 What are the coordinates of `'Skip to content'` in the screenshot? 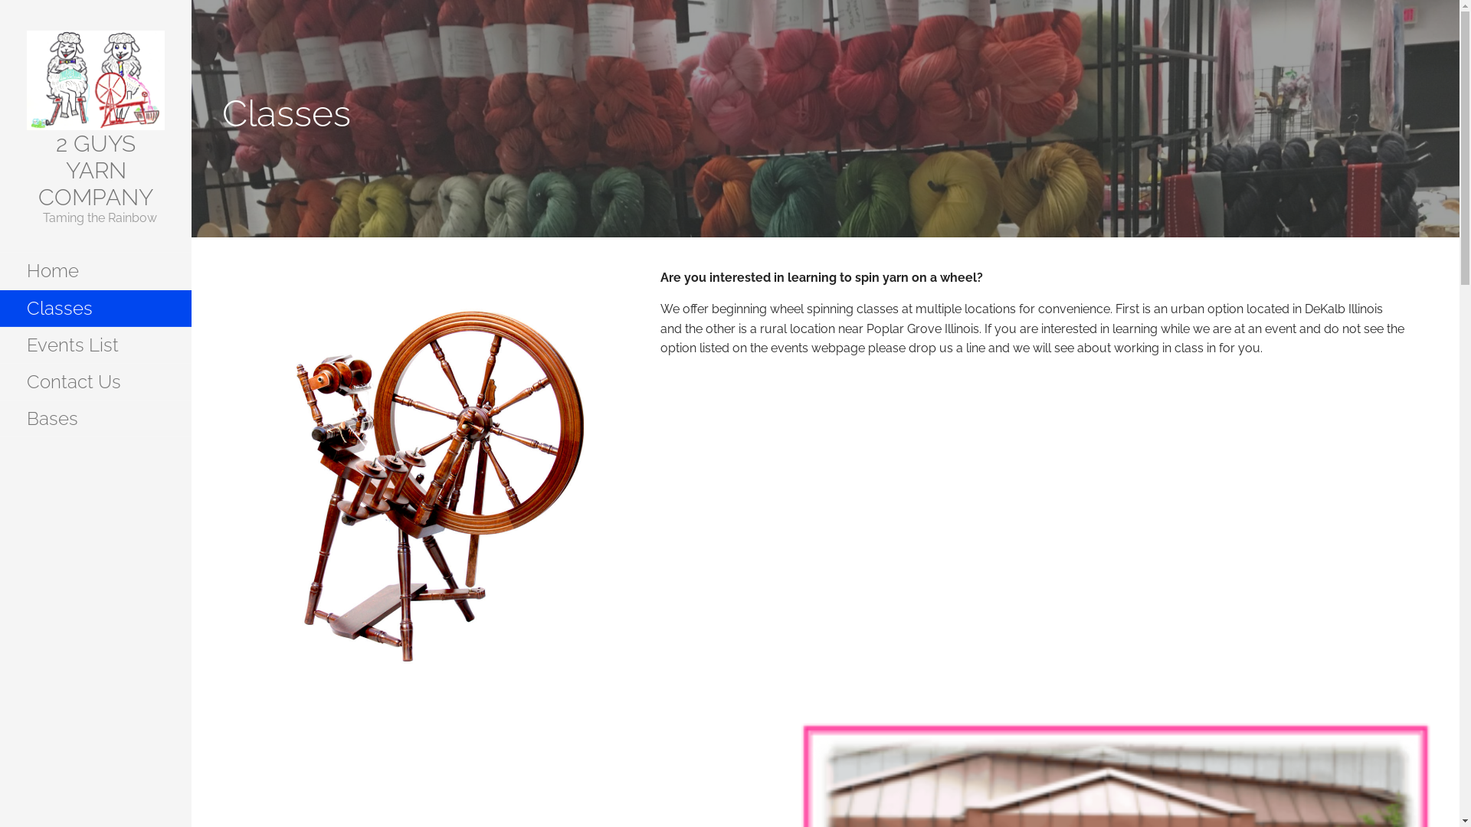 It's located at (191, 0).